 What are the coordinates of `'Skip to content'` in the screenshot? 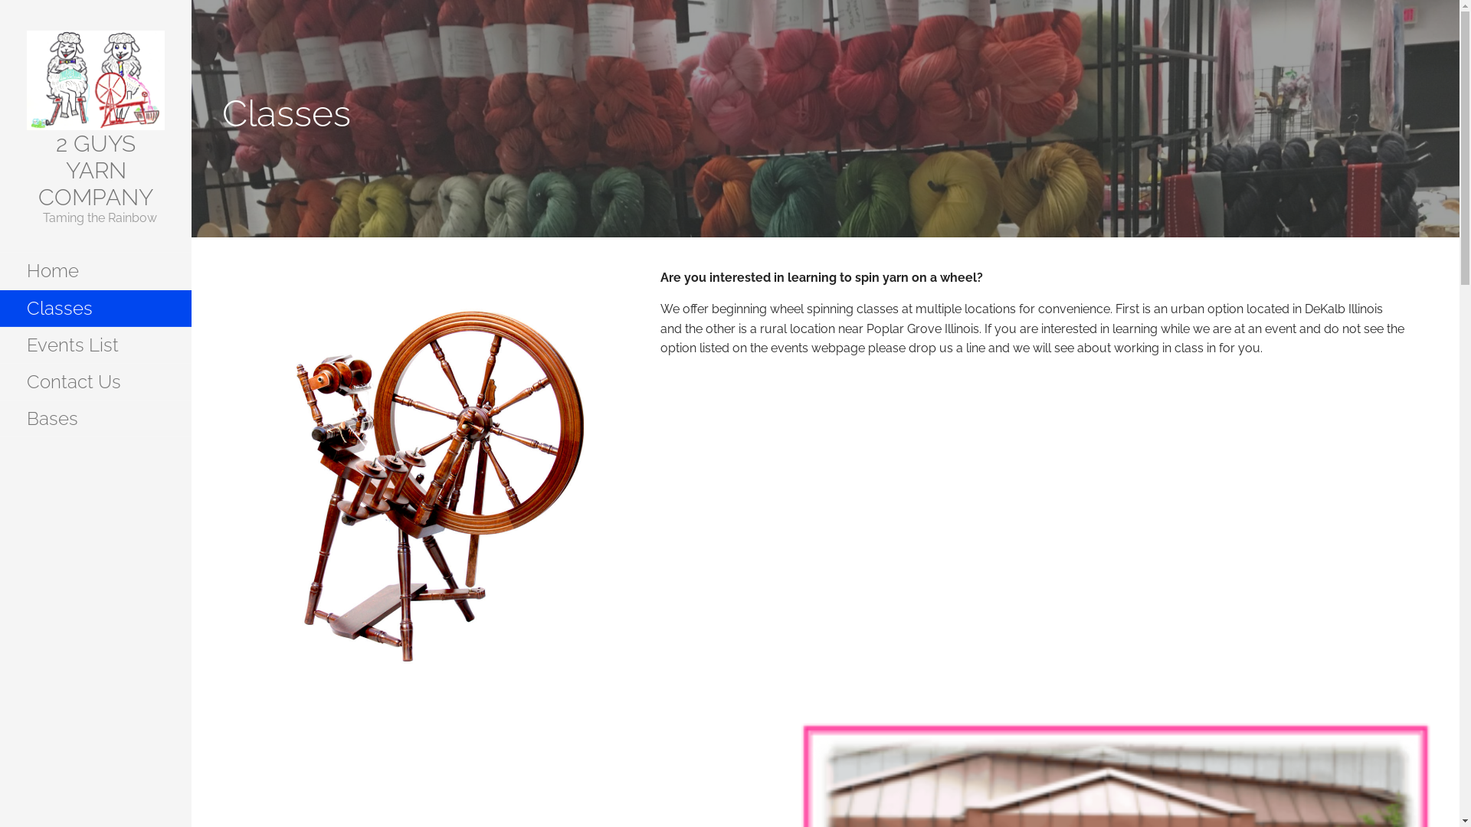 It's located at (191, 0).